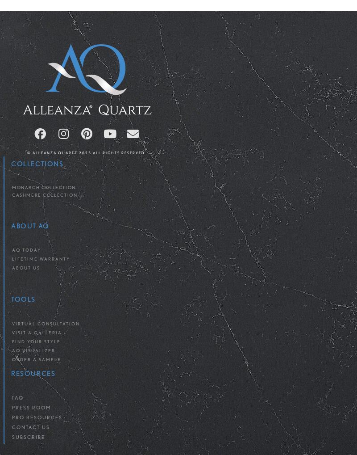  I want to click on 'CONTACT US', so click(31, 427).